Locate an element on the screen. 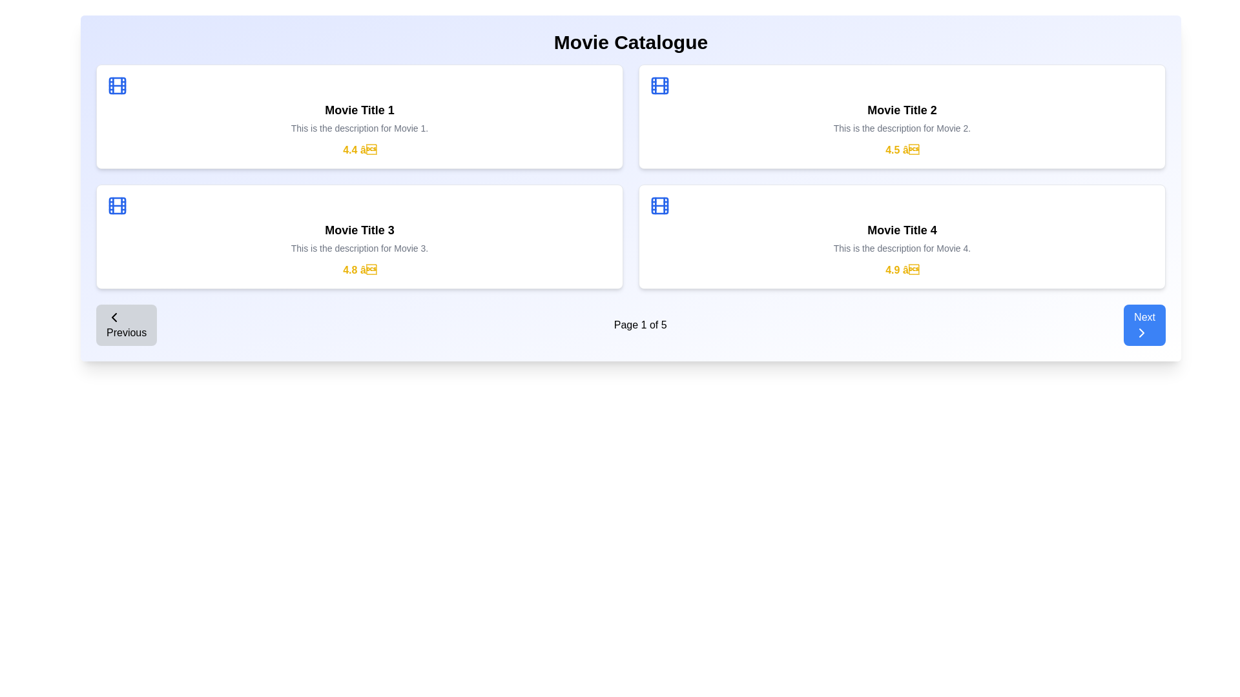  the static textual label that serves as the title of the movie, located in the second card of the top row, centrally positioned under a blue film reel icon and above the description text is located at coordinates (901, 109).